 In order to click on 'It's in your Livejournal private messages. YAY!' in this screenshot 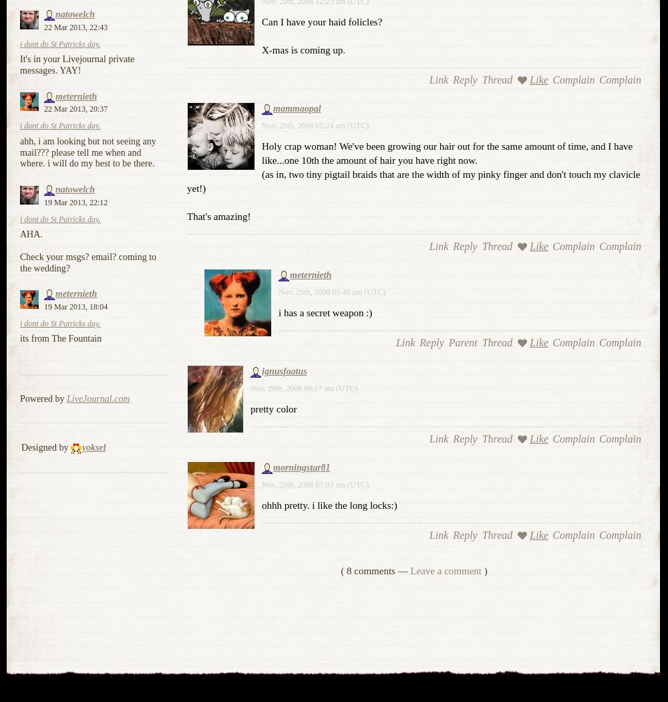, I will do `click(76, 65)`.